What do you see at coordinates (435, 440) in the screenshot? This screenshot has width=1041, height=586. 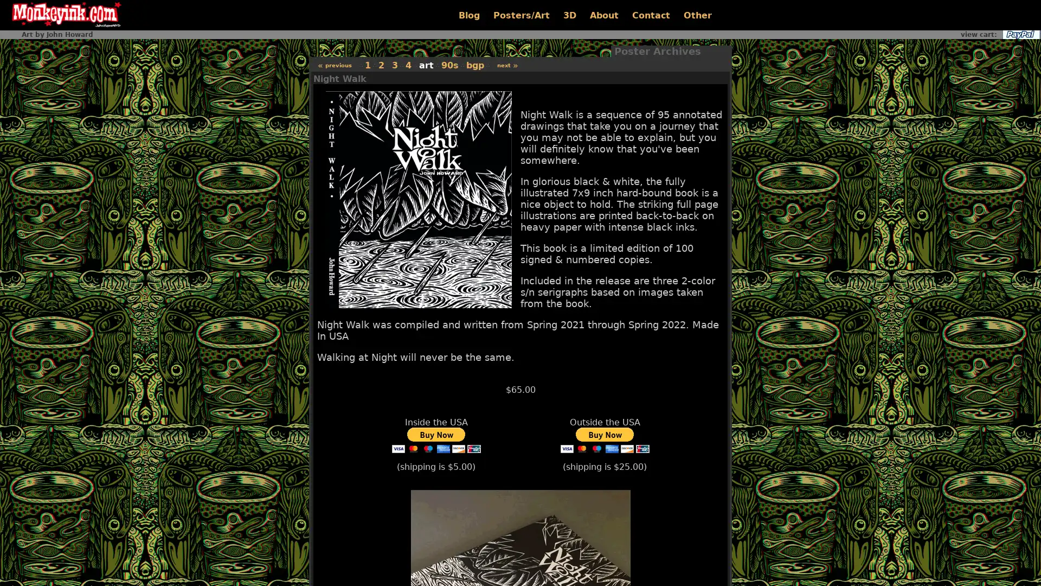 I see `PayPal - The safer, easier way to pay online!` at bounding box center [435, 440].